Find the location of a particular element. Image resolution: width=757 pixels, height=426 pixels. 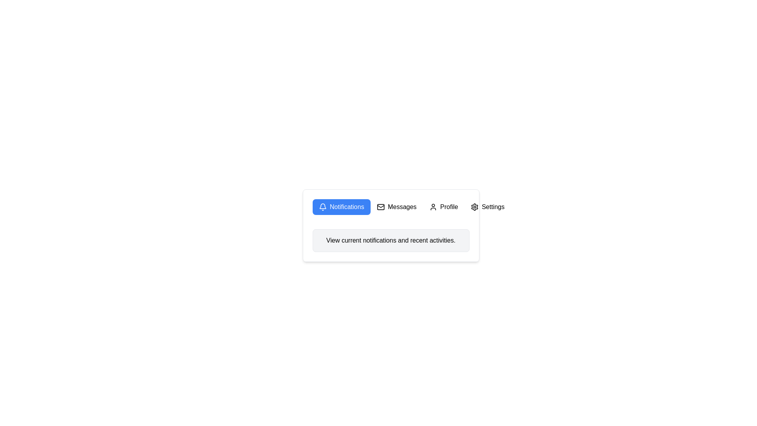

the 'Messages' button, which features an envelope icon and is located between the 'Notifications' and 'Profile' buttons in the navigation menu is located at coordinates (397, 206).